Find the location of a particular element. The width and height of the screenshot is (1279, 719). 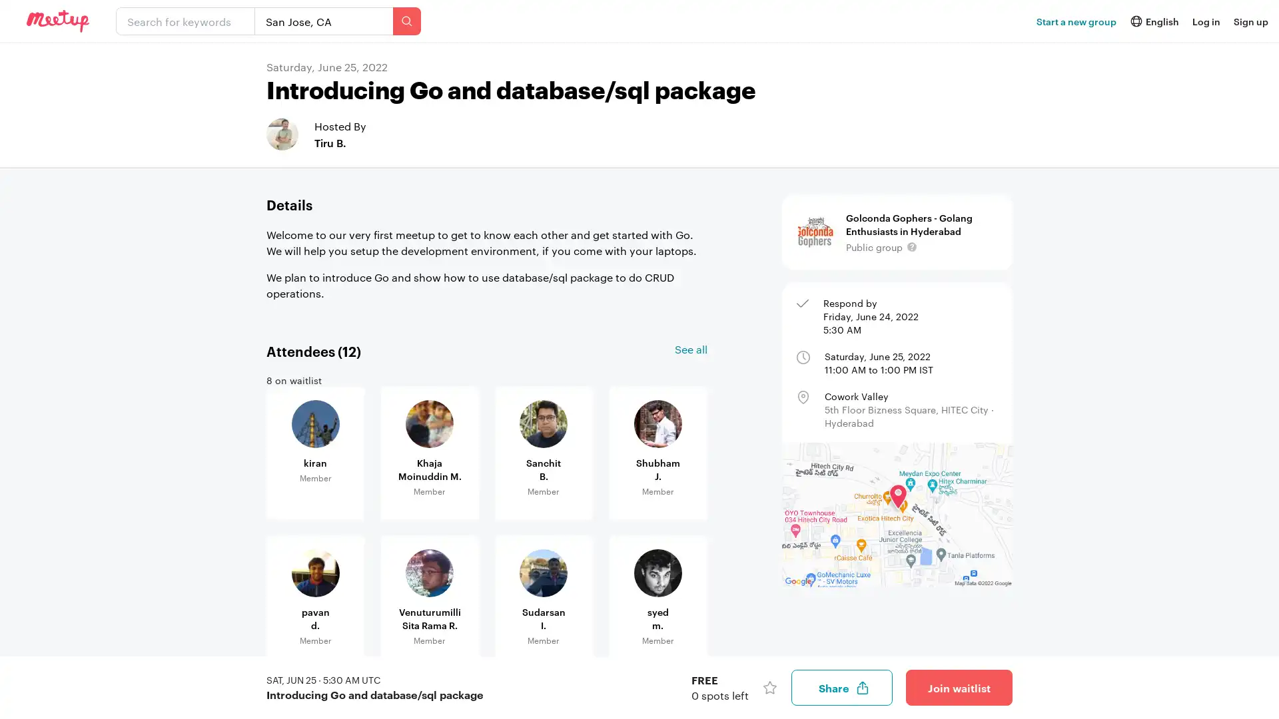

This groups content, including its members and event details, are visible to the public. is located at coordinates (911, 246).